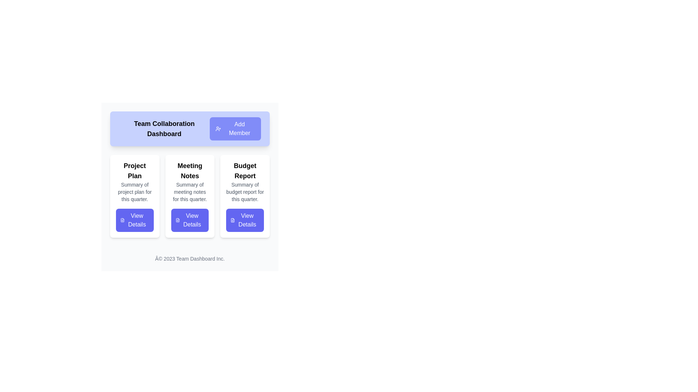 Image resolution: width=698 pixels, height=392 pixels. I want to click on the call-to-action button located at the bottom of the 'Budget Report' card, so click(245, 220).